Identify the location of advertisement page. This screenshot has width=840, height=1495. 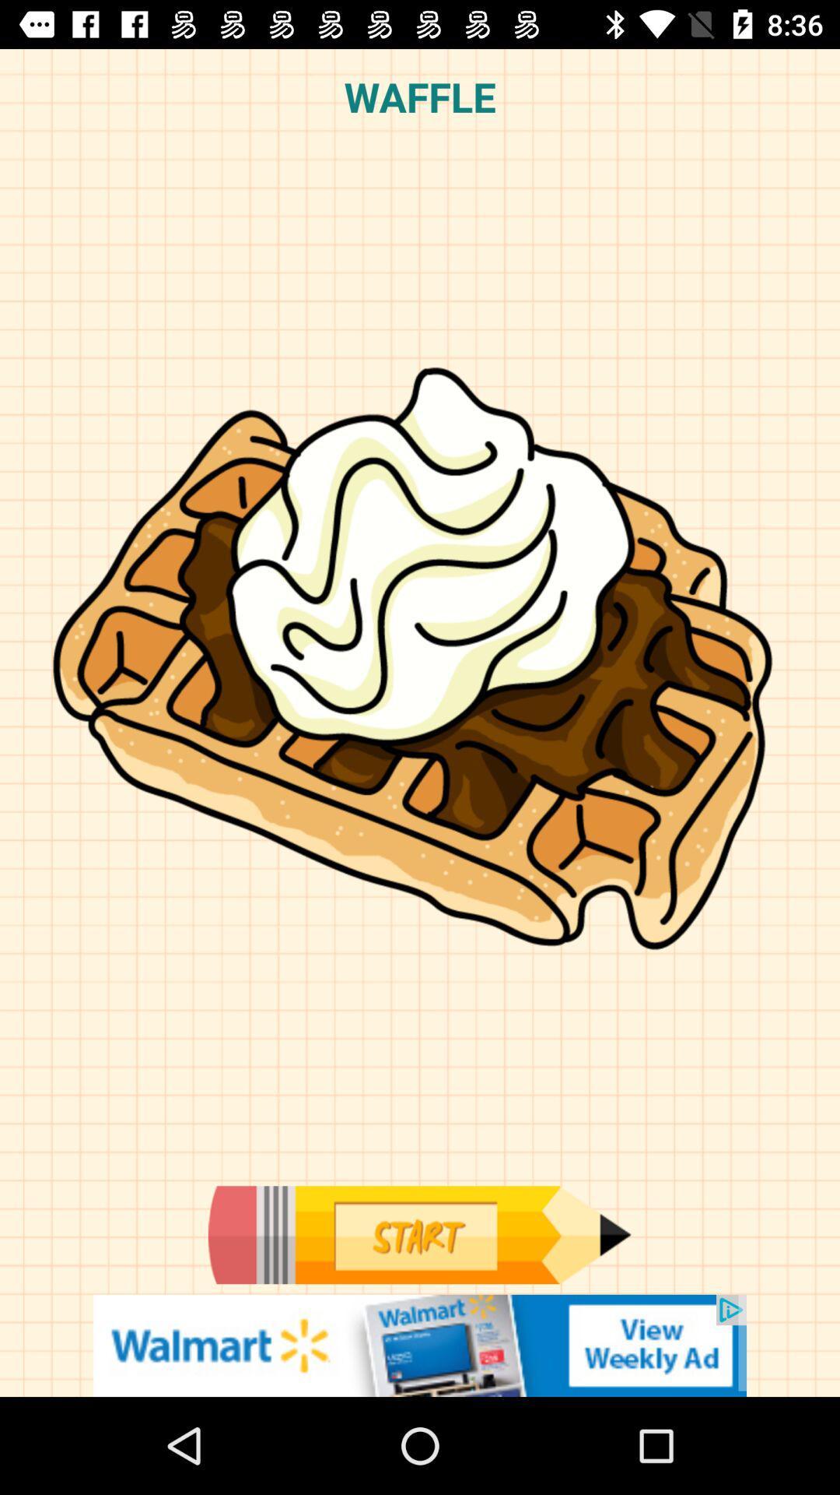
(420, 1345).